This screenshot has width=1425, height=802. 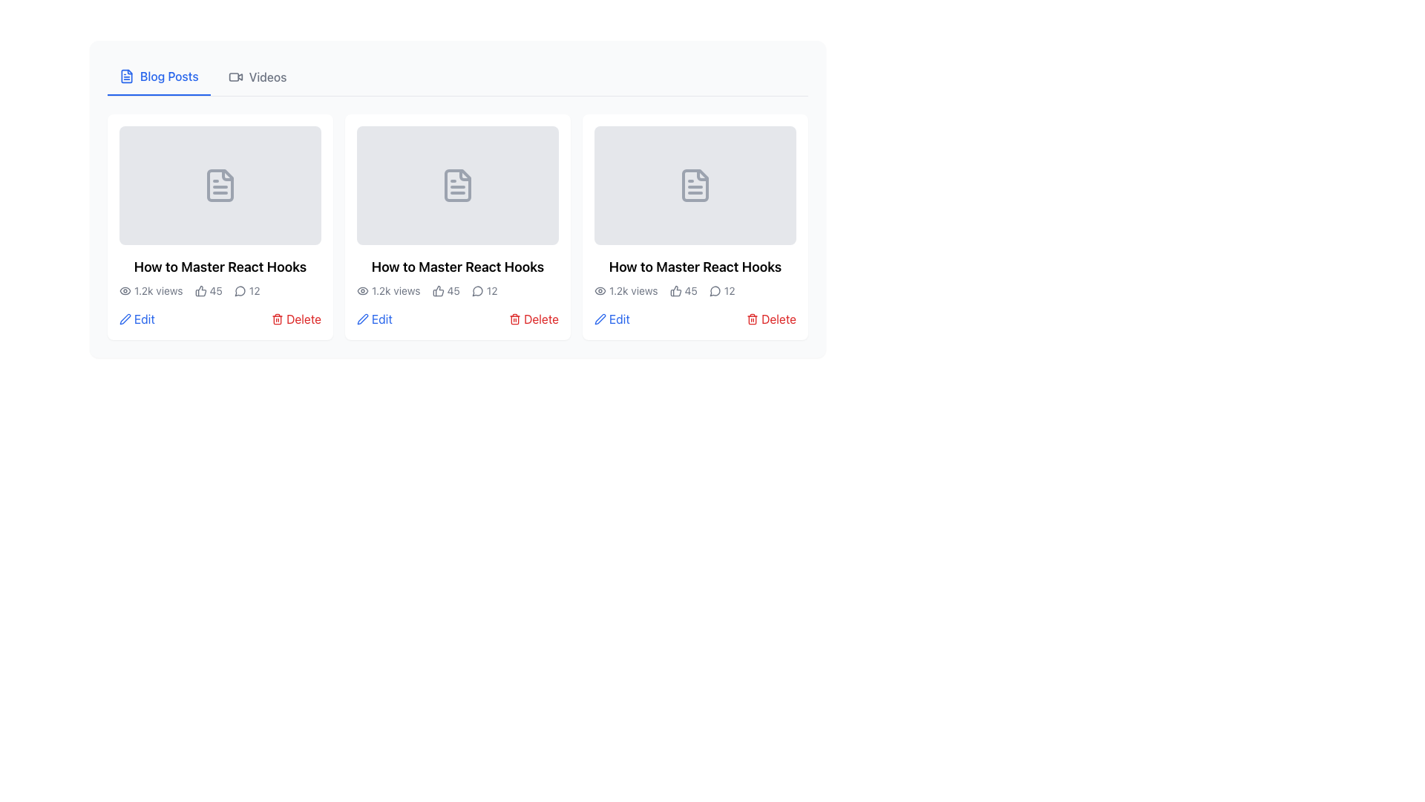 What do you see at coordinates (220, 185) in the screenshot?
I see `the Image placeholder located at the top-left position of the grid layout, which serves as a visual representation for the blog post titled 'How to Master React Hooks'` at bounding box center [220, 185].